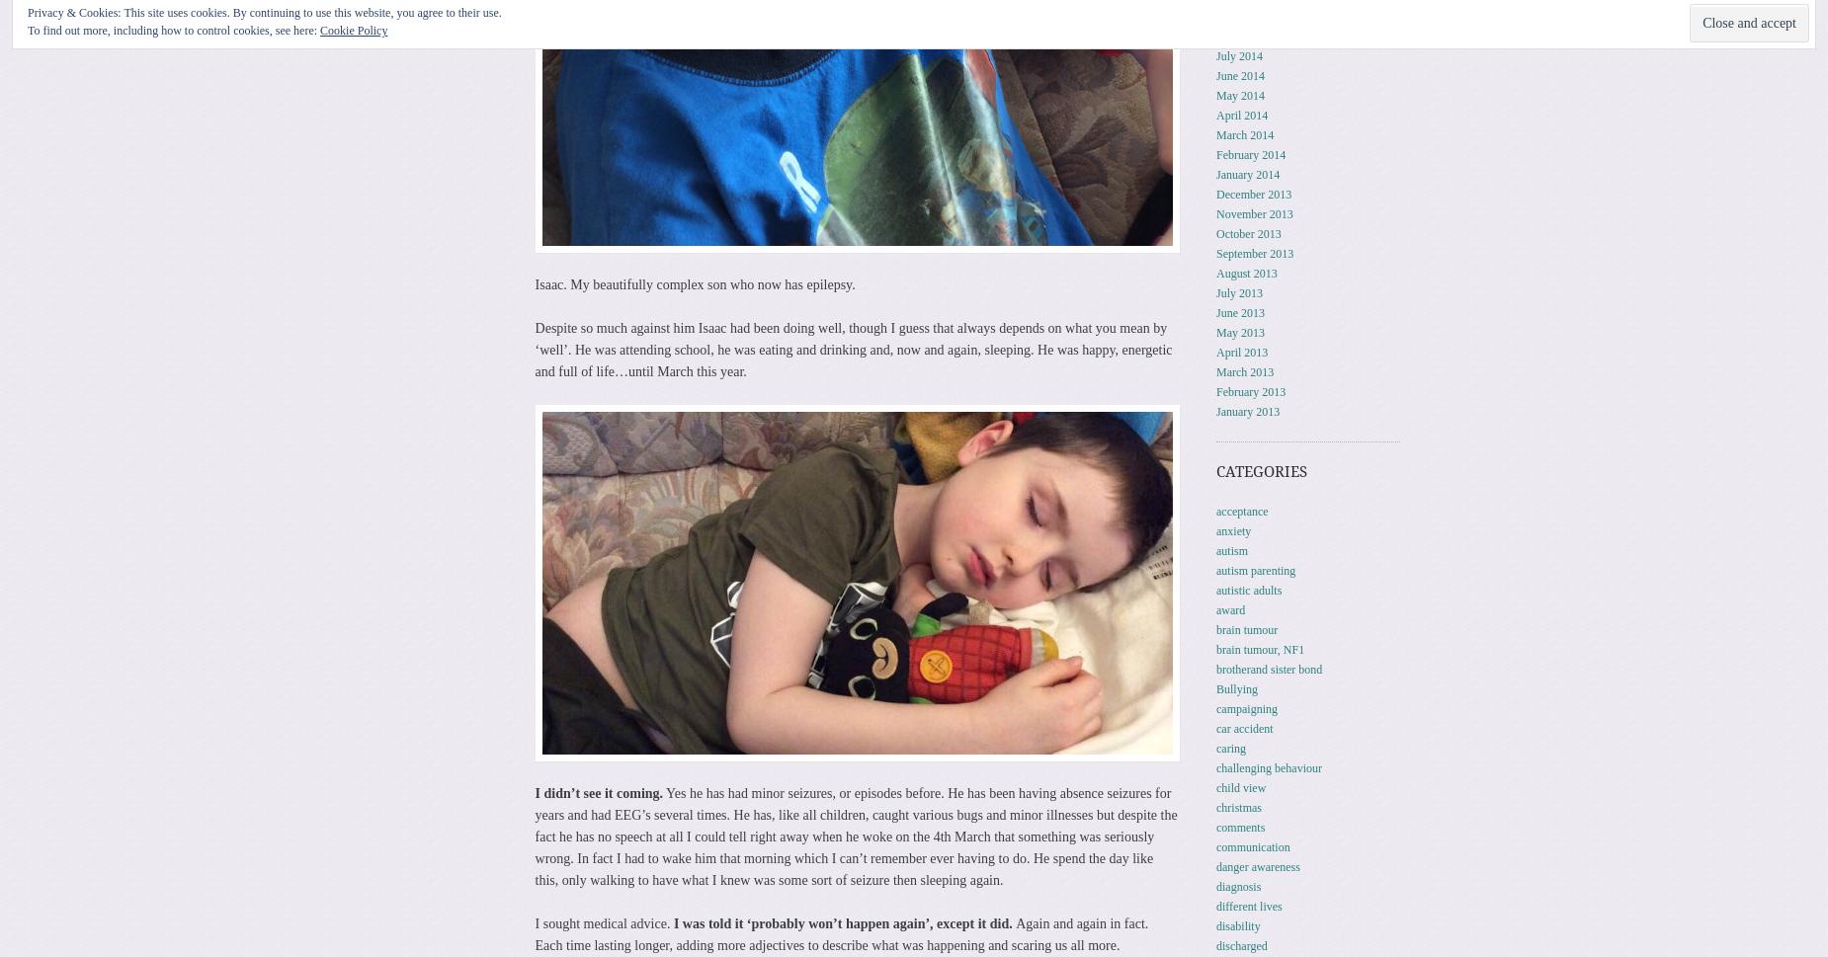 Image resolution: width=1828 pixels, height=957 pixels. I want to click on 'campaigning', so click(1245, 707).